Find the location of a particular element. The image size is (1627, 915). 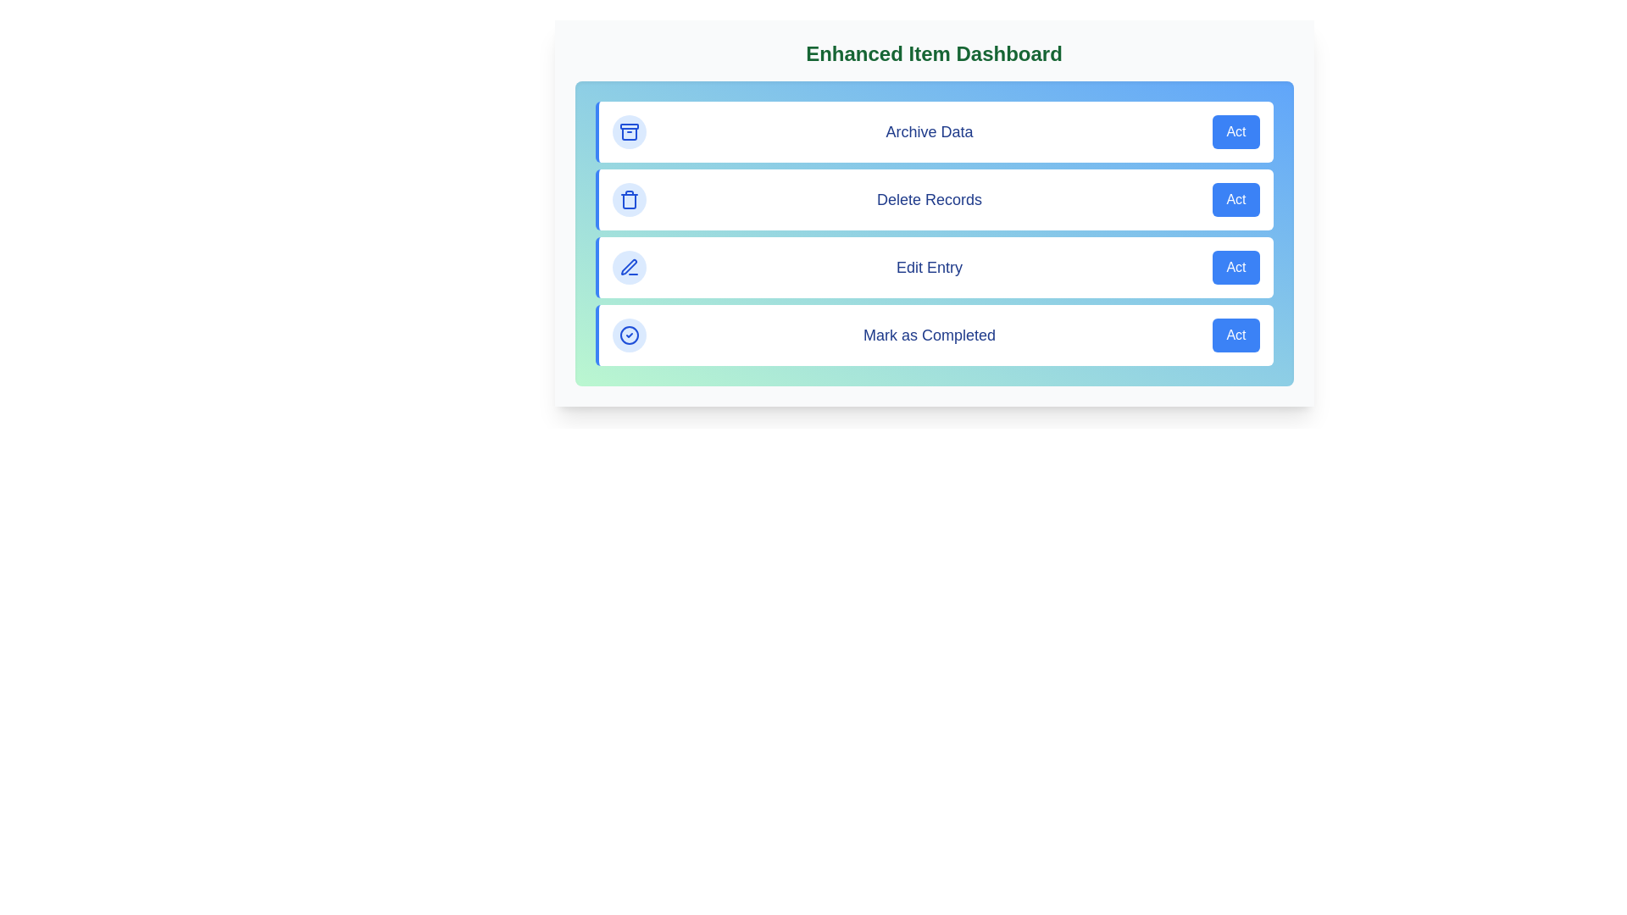

the action item labeled 'Edit Entry' to observe its hover effect is located at coordinates (933, 267).